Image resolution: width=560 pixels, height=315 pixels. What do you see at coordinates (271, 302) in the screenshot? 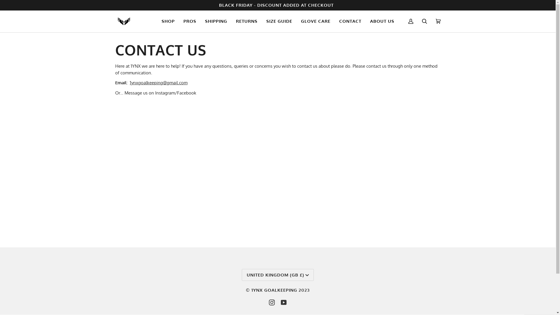
I see `'INSTAGRAM'` at bounding box center [271, 302].